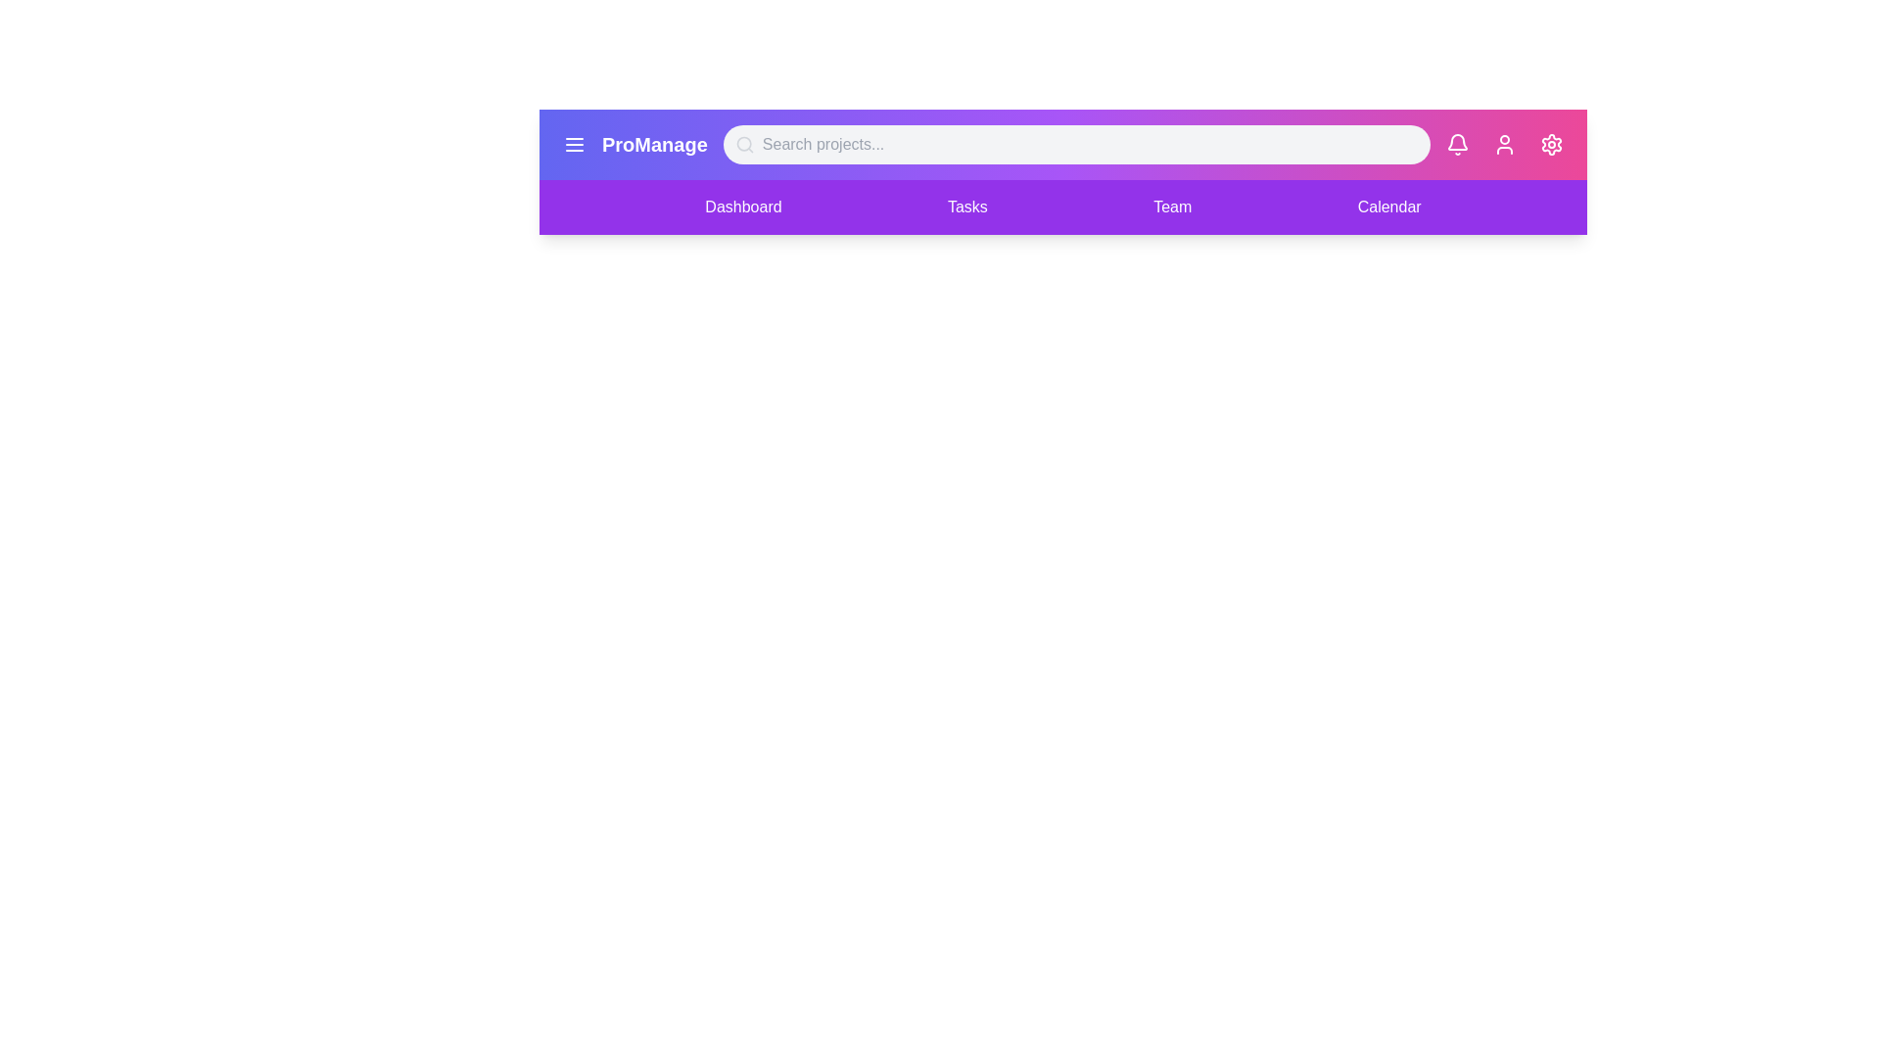  I want to click on the settings icon to access the settings, so click(1550, 143).